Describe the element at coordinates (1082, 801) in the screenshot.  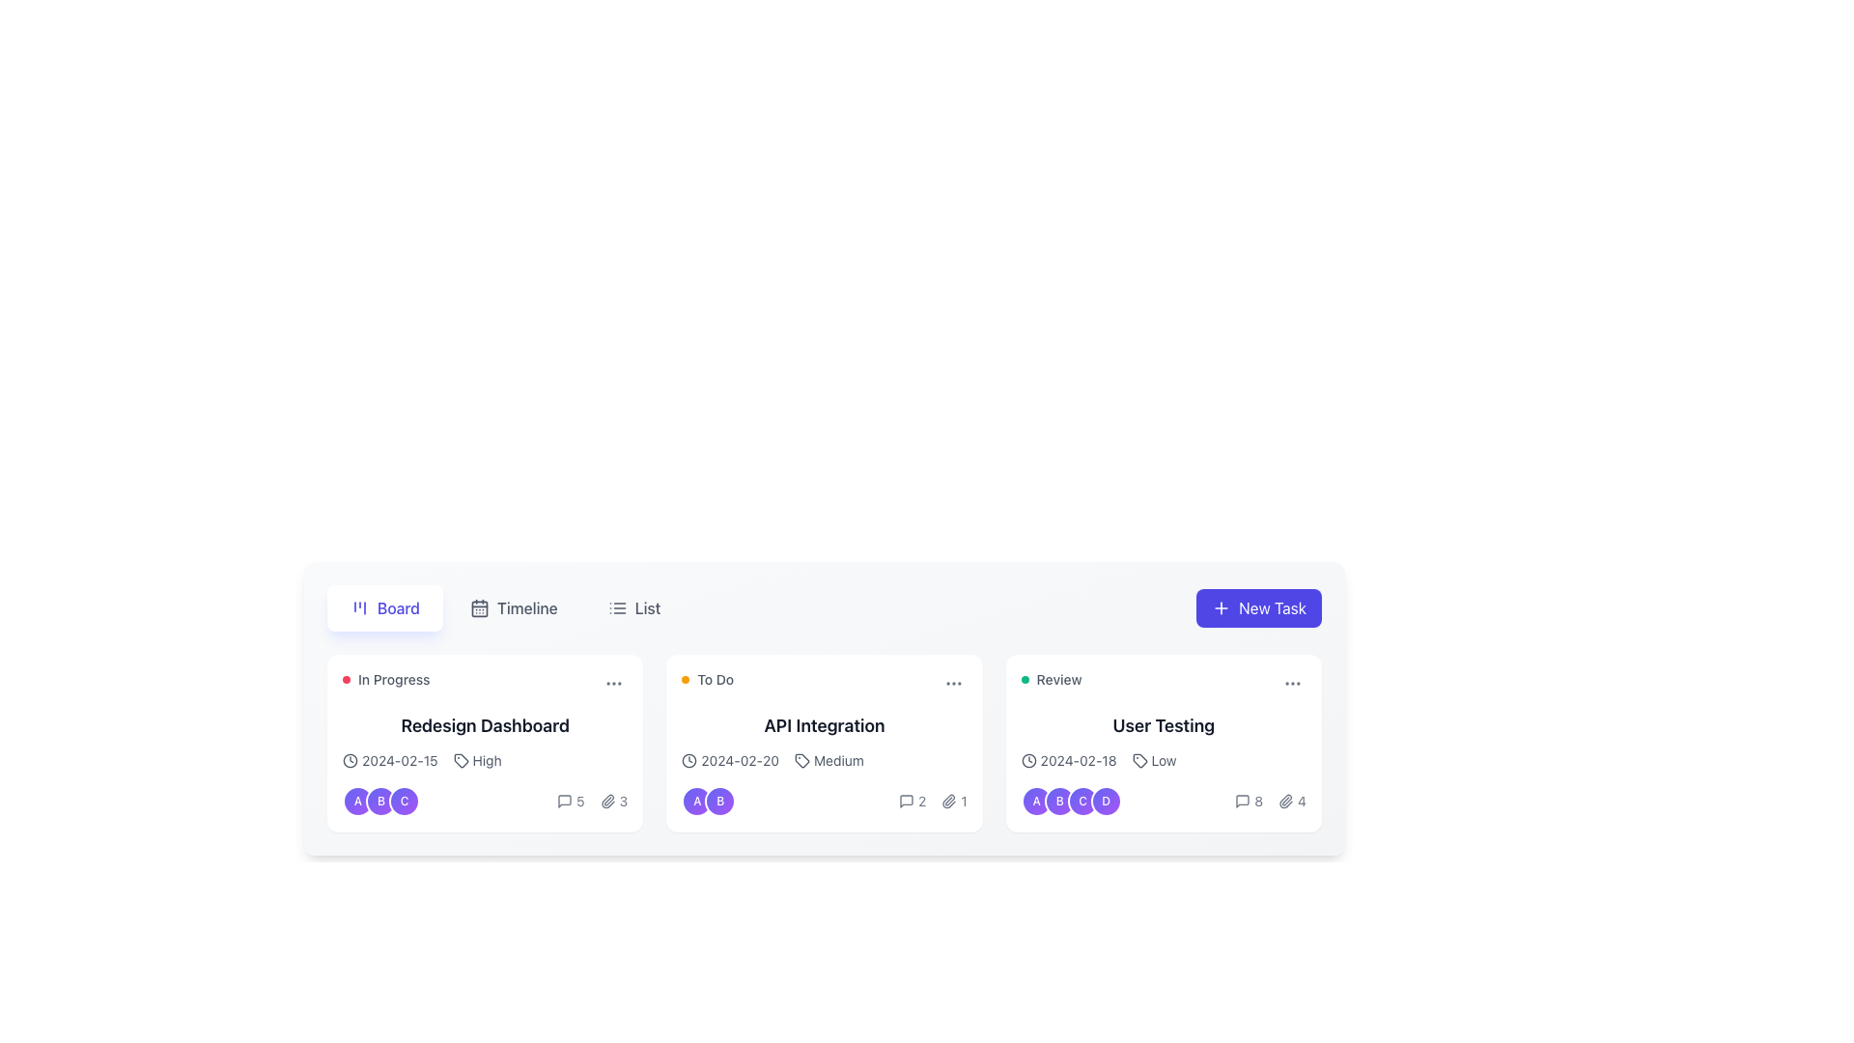
I see `the third circular badge with a gradient background and the letter 'C' in white, located at the bottom of the 'User Testing' card in the 'Review' section` at that location.